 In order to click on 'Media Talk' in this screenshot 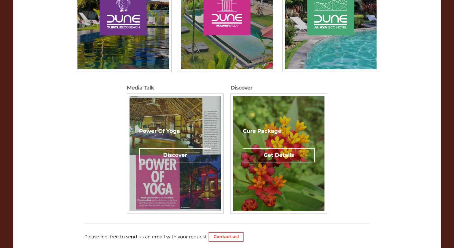, I will do `click(140, 87)`.